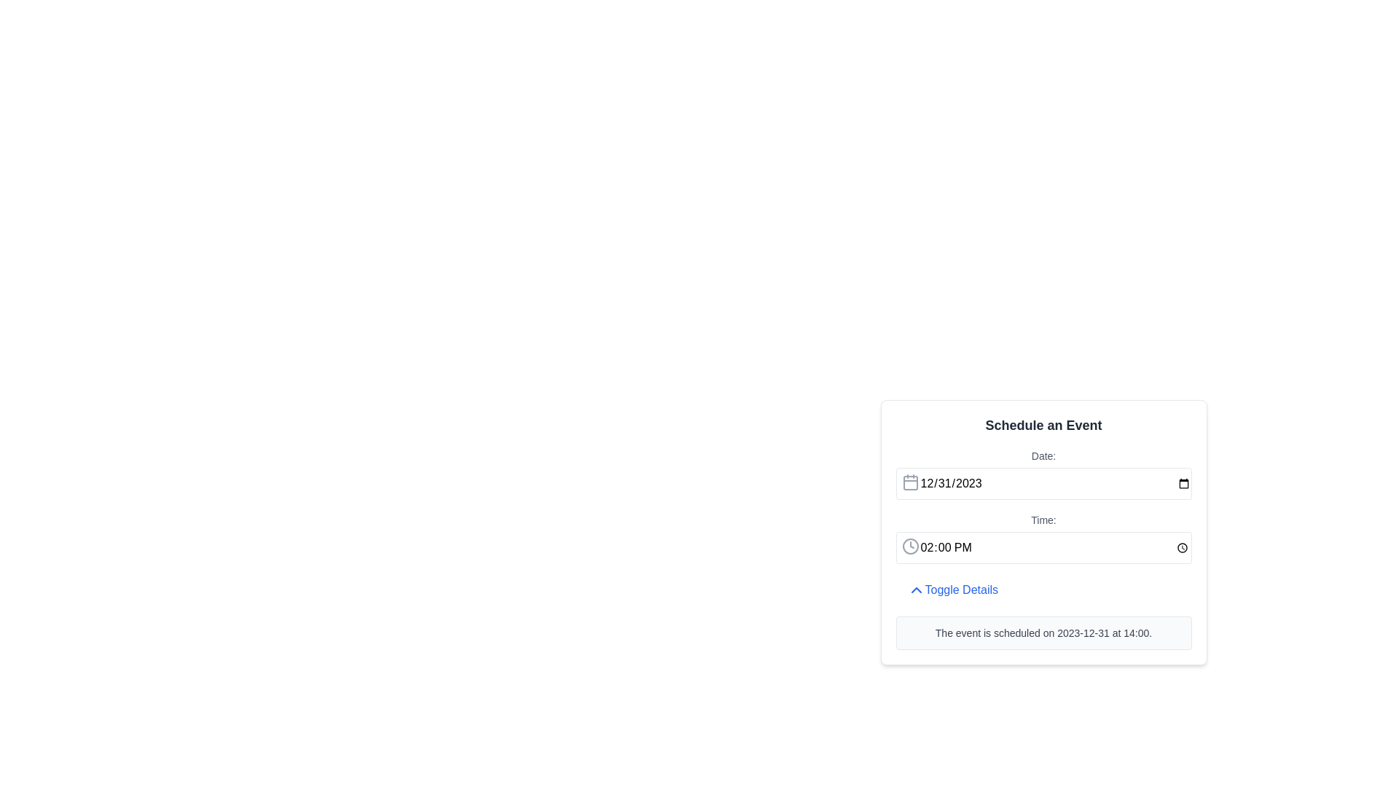  I want to click on the button that toggles the visibility of additional details about the event, located in the 'Schedule an Event' card, below the 'Time:' field, so click(952, 590).